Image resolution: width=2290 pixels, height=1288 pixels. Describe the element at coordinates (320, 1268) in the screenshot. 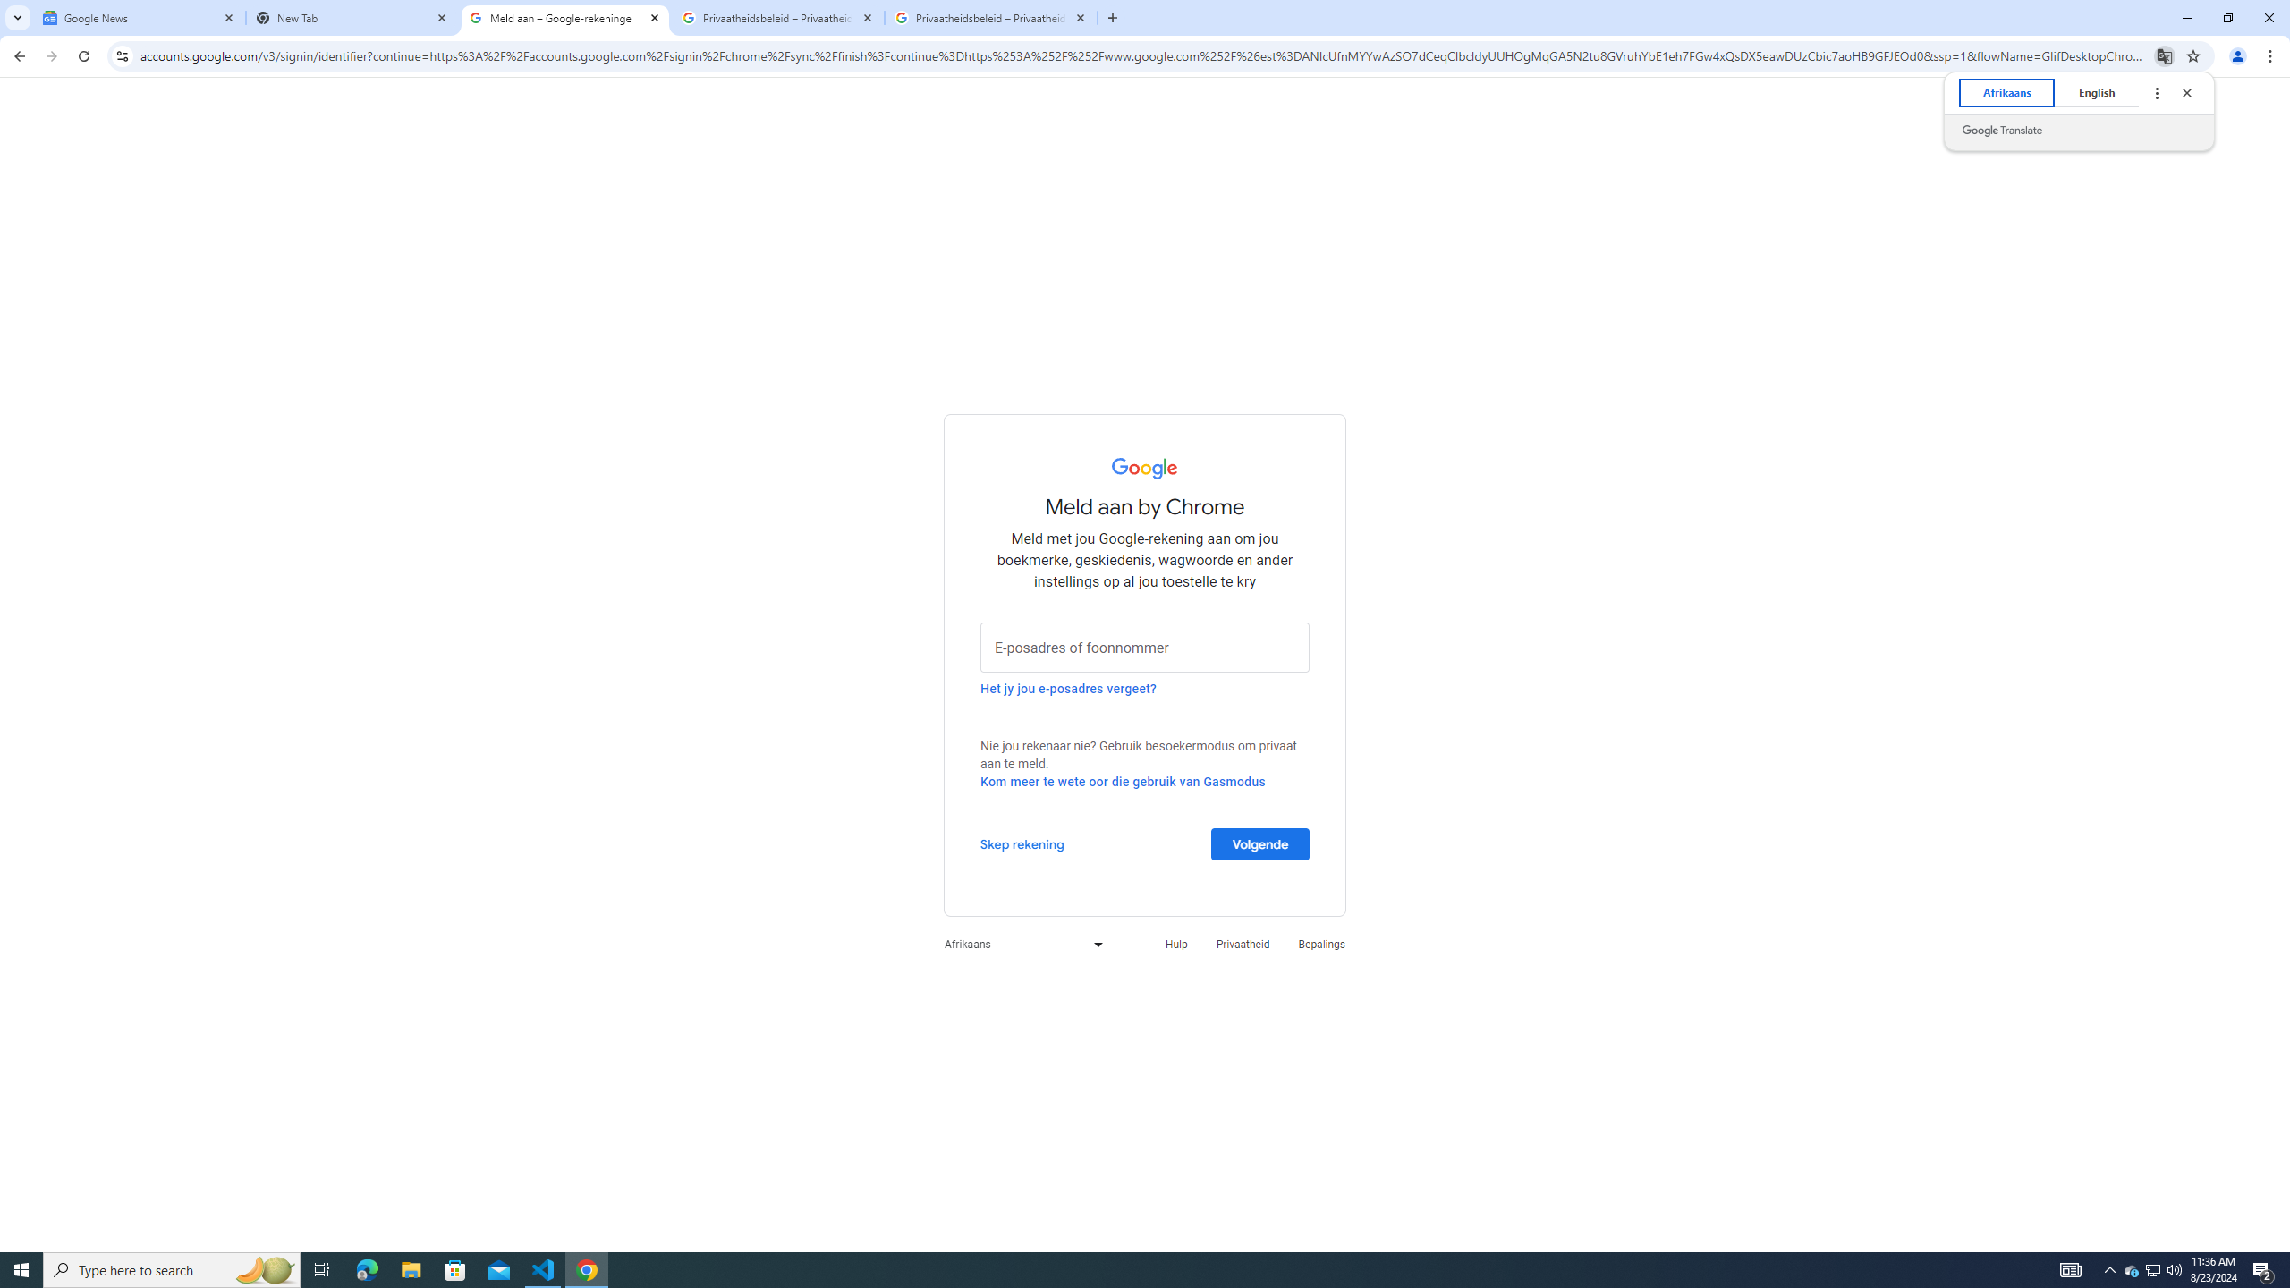

I see `'Task View'` at that location.